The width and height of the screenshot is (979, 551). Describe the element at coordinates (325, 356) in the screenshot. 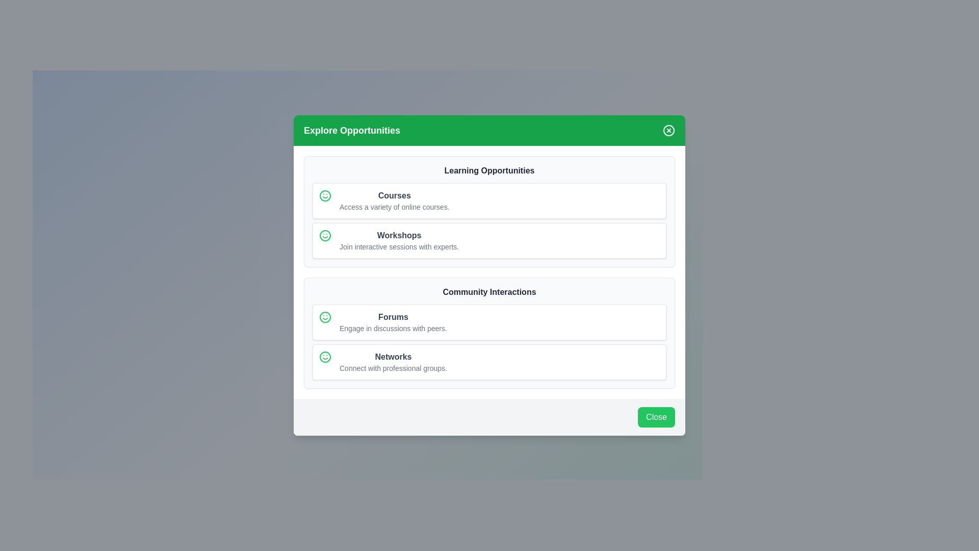

I see `the green smiling face icon located to the left of the text 'Networks Connect with professional groups.' in the 'Community Interactions' section of the card list` at that location.